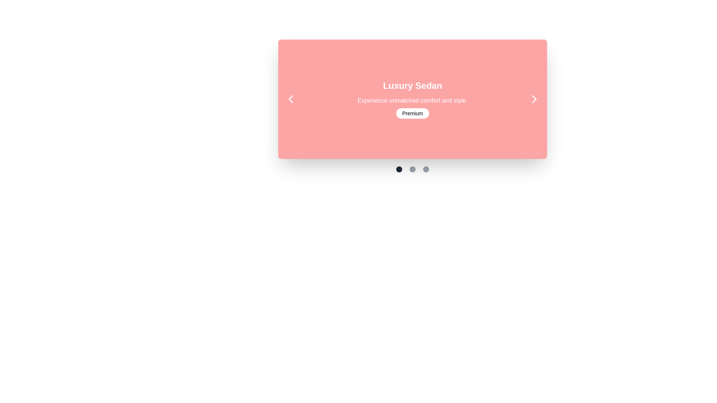  What do you see at coordinates (412, 169) in the screenshot?
I see `the middle circular indicator dot in the carousel group, which is distinguished by its gray color` at bounding box center [412, 169].